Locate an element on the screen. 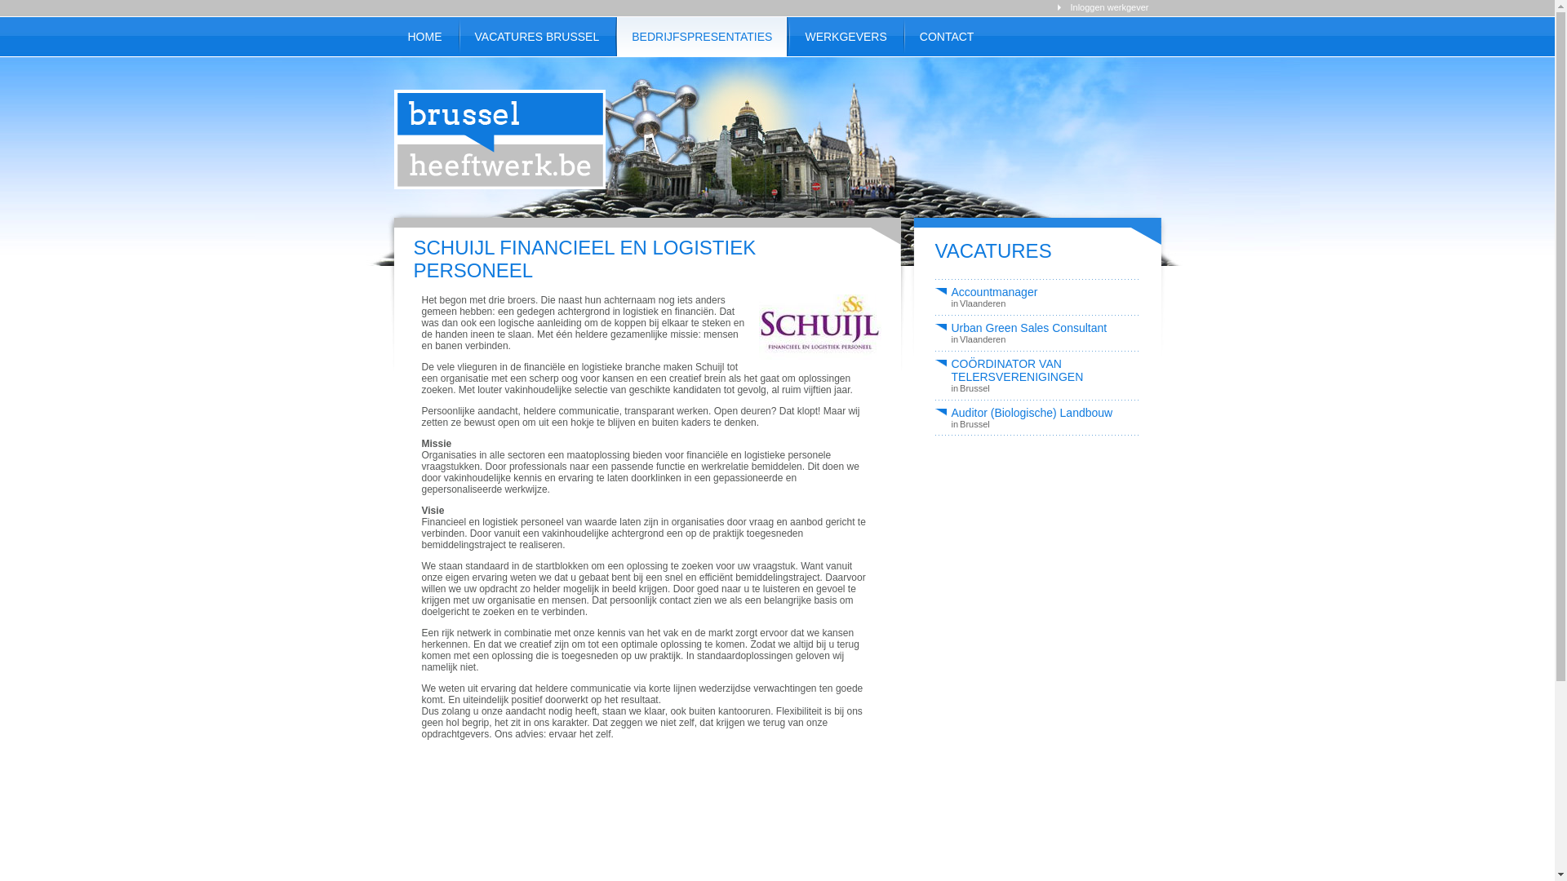  'CONTACT' is located at coordinates (947, 37).